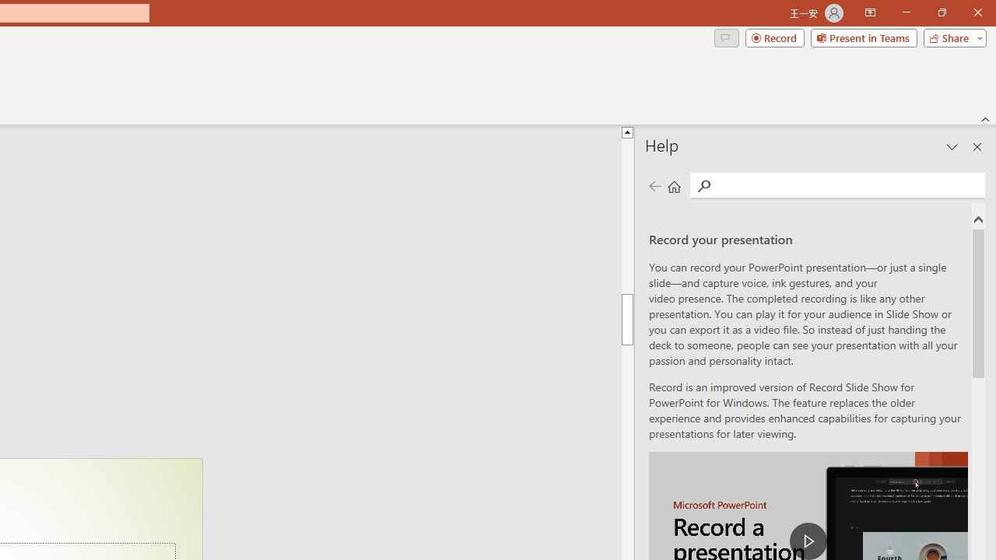 This screenshot has width=996, height=560. I want to click on 'play Record a Presentation', so click(808, 540).